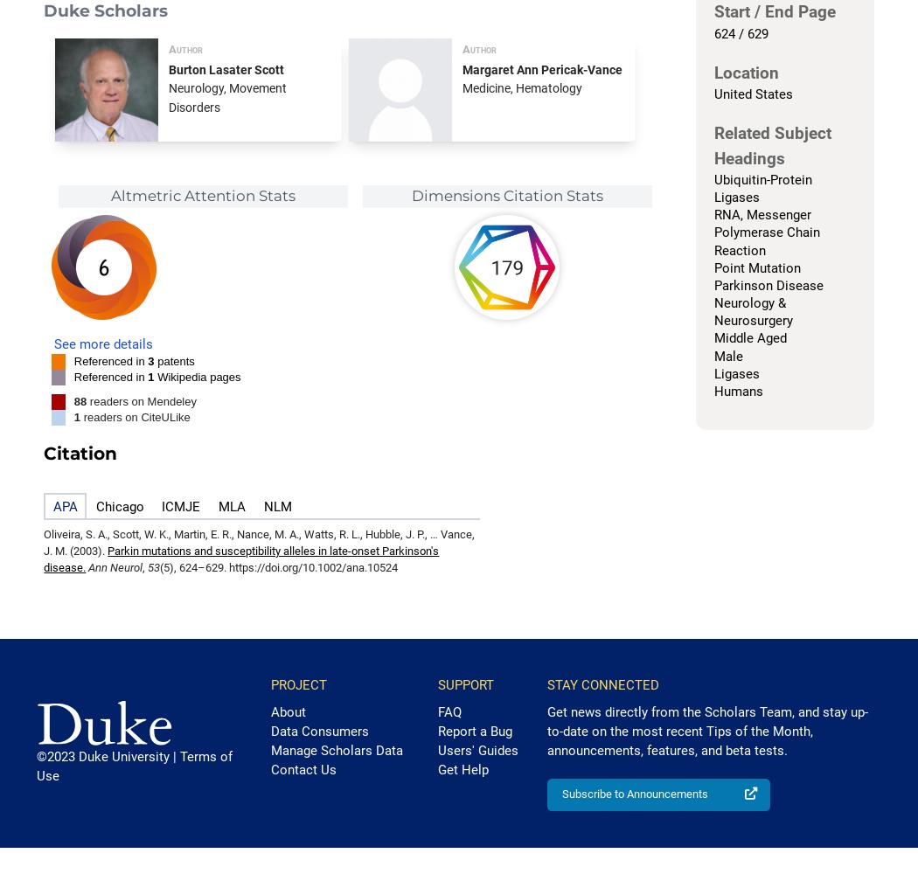  I want to click on 'readers on Mendeley', so click(142, 400).